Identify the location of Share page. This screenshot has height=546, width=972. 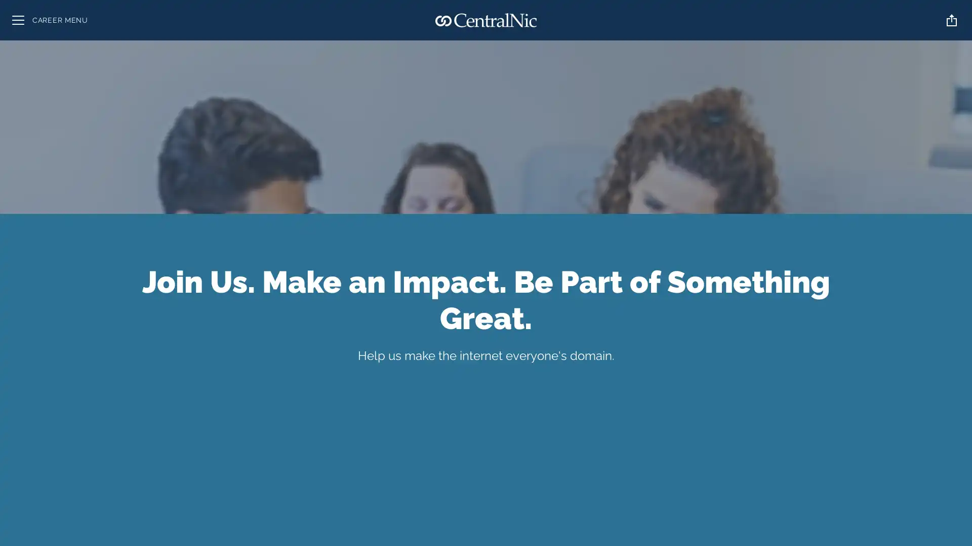
(951, 20).